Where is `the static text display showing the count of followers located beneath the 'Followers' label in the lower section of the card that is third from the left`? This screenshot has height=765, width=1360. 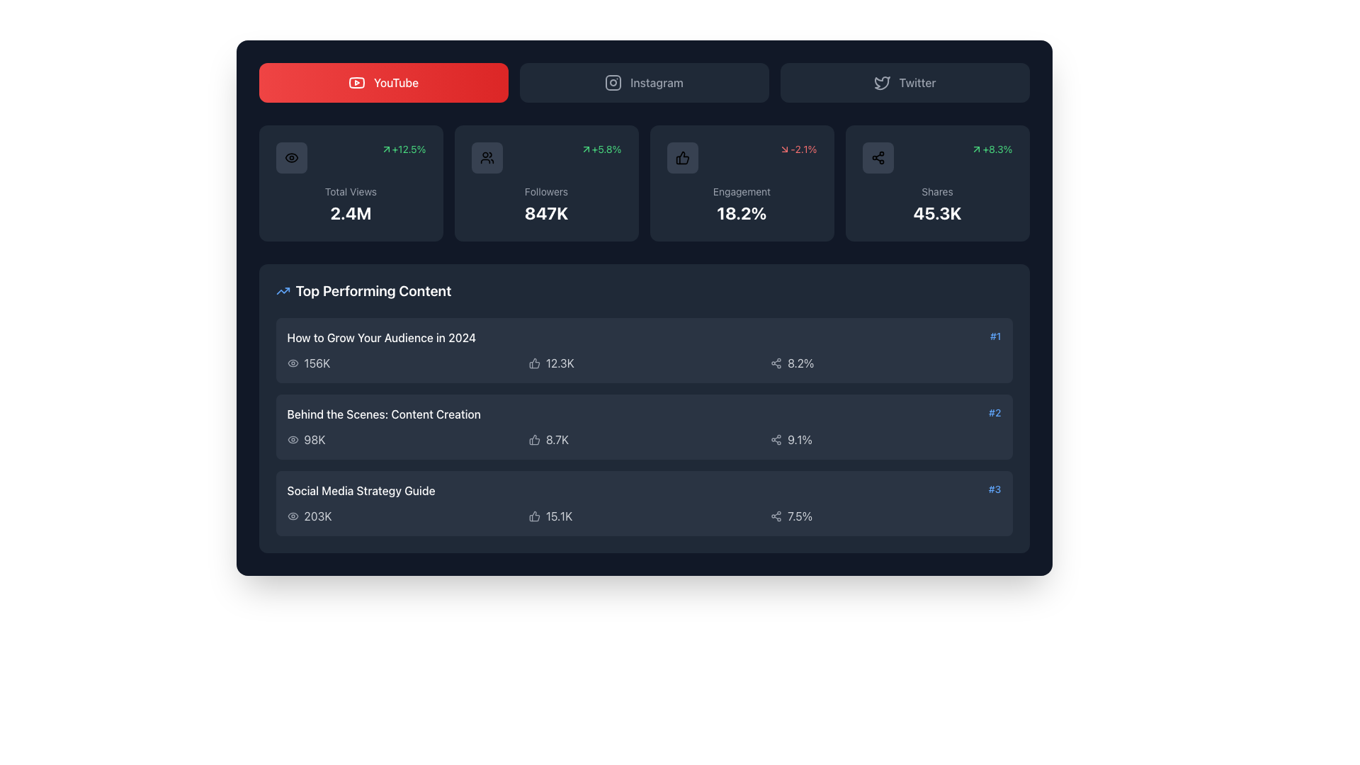
the static text display showing the count of followers located beneath the 'Followers' label in the lower section of the card that is third from the left is located at coordinates (545, 212).